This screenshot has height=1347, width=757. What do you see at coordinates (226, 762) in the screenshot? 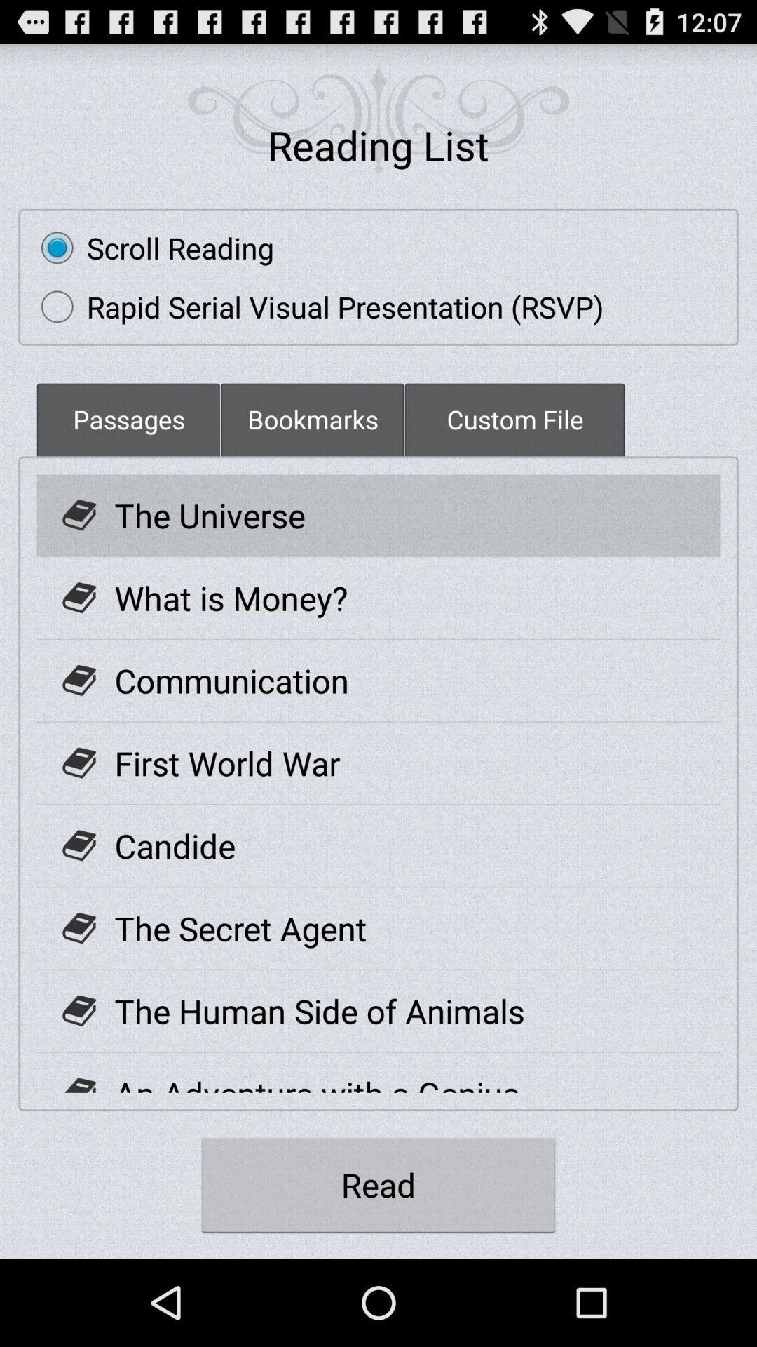
I see `the icon above the candide` at bounding box center [226, 762].